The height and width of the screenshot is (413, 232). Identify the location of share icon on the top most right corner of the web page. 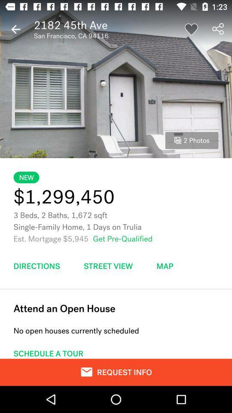
(218, 29).